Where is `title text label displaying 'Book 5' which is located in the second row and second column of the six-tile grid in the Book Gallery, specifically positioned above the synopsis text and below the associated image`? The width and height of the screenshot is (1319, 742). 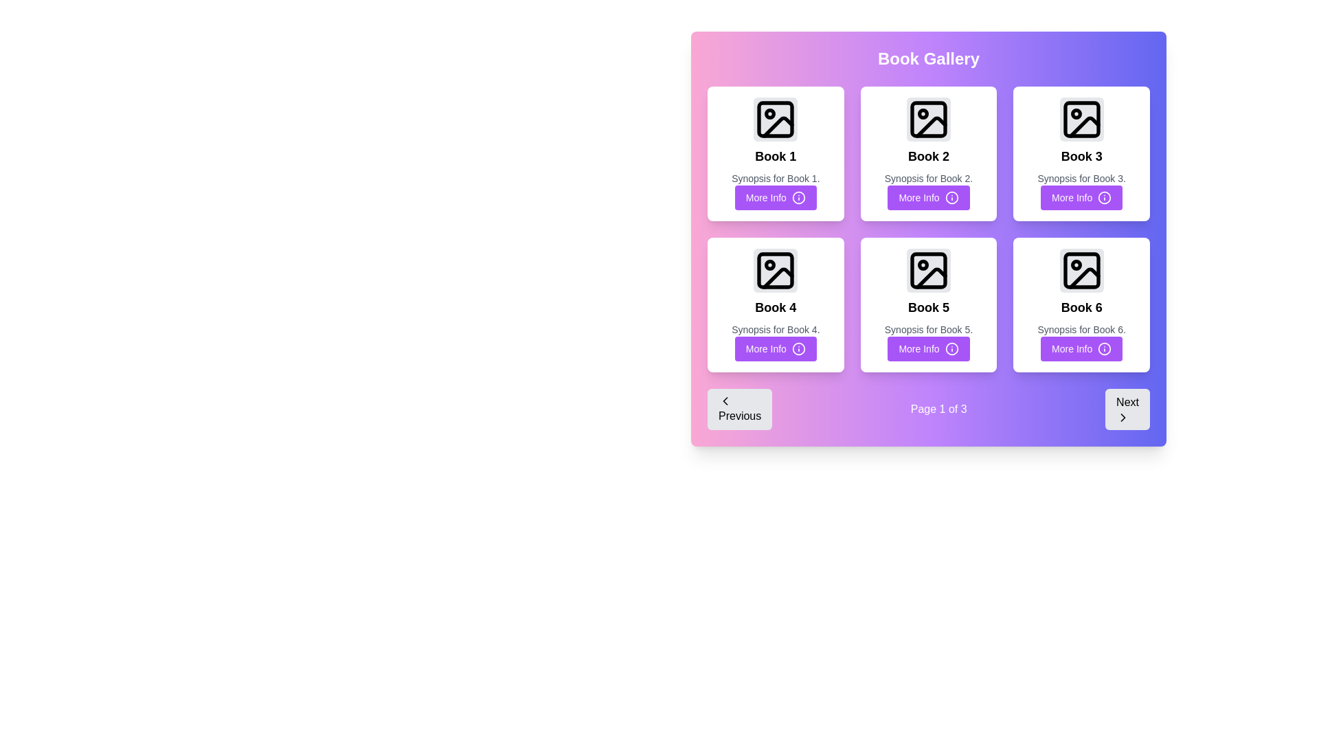
title text label displaying 'Book 5' which is located in the second row and second column of the six-tile grid in the Book Gallery, specifically positioned above the synopsis text and below the associated image is located at coordinates (929, 306).